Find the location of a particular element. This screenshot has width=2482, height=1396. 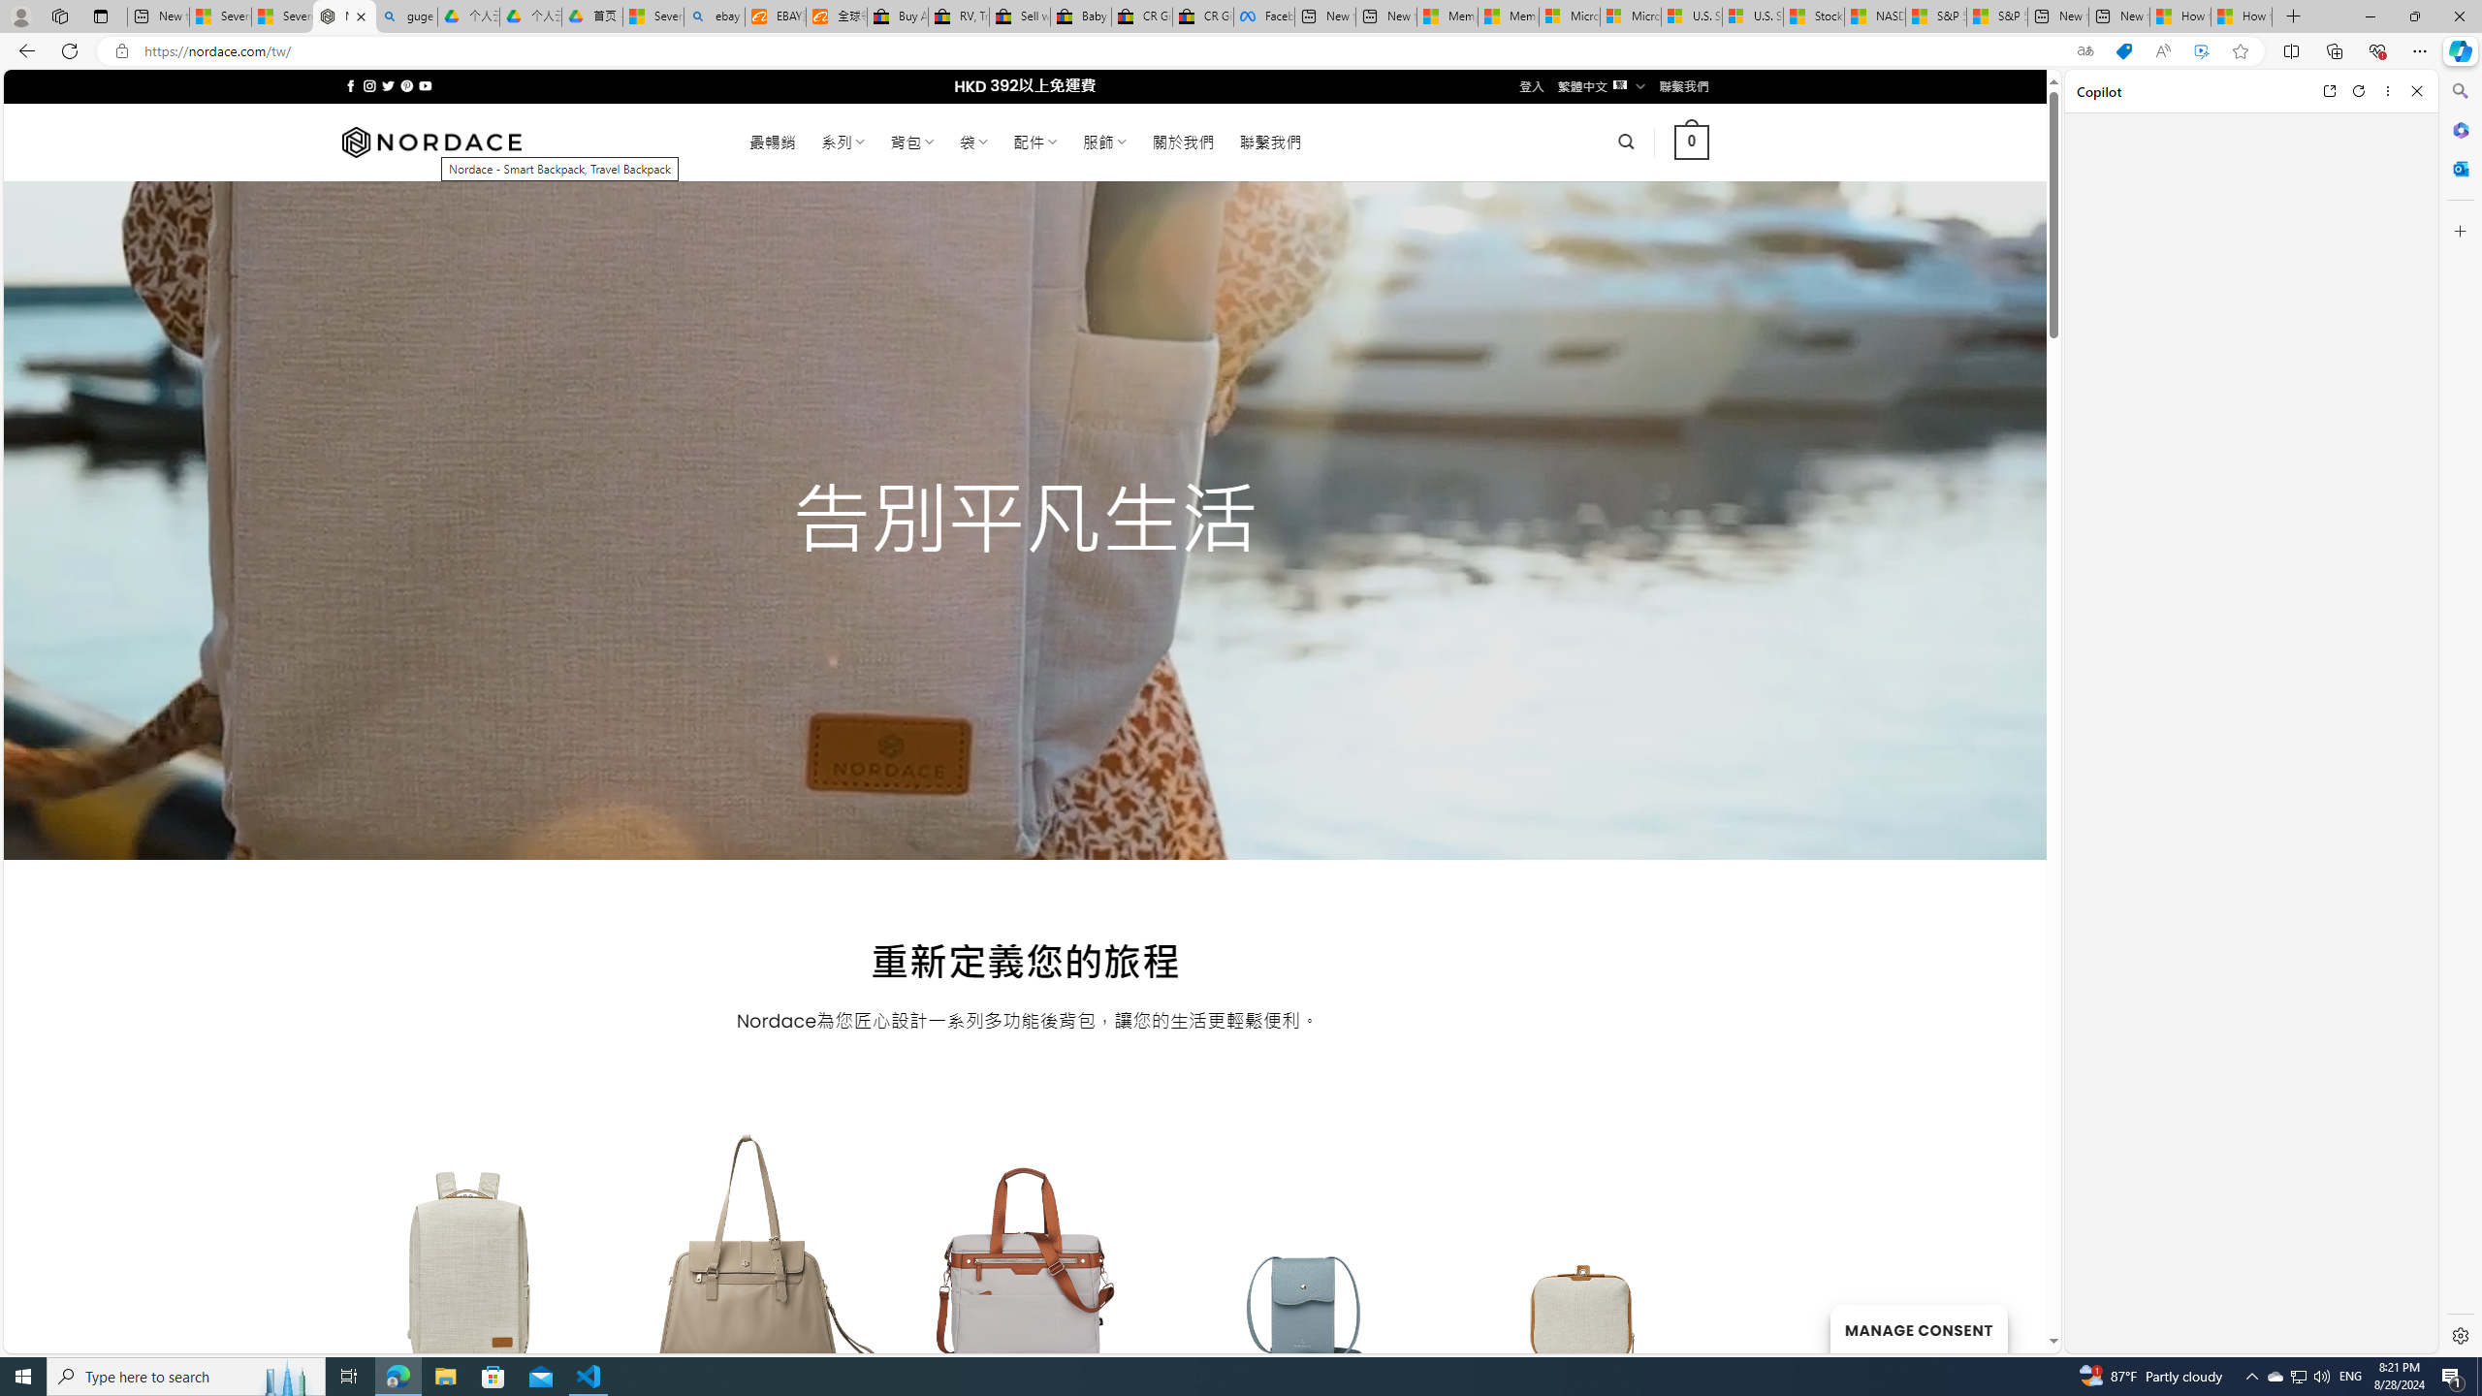

'Follow on Facebook' is located at coordinates (351, 85).